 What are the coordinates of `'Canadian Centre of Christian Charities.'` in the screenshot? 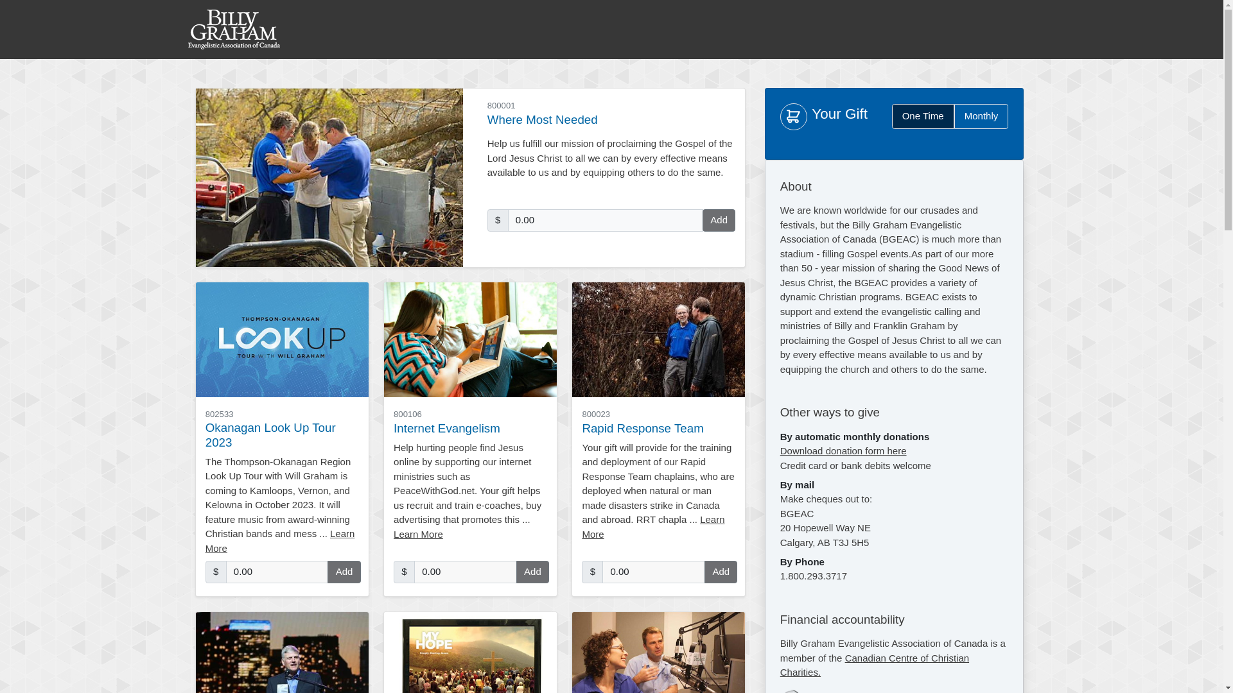 It's located at (874, 664).